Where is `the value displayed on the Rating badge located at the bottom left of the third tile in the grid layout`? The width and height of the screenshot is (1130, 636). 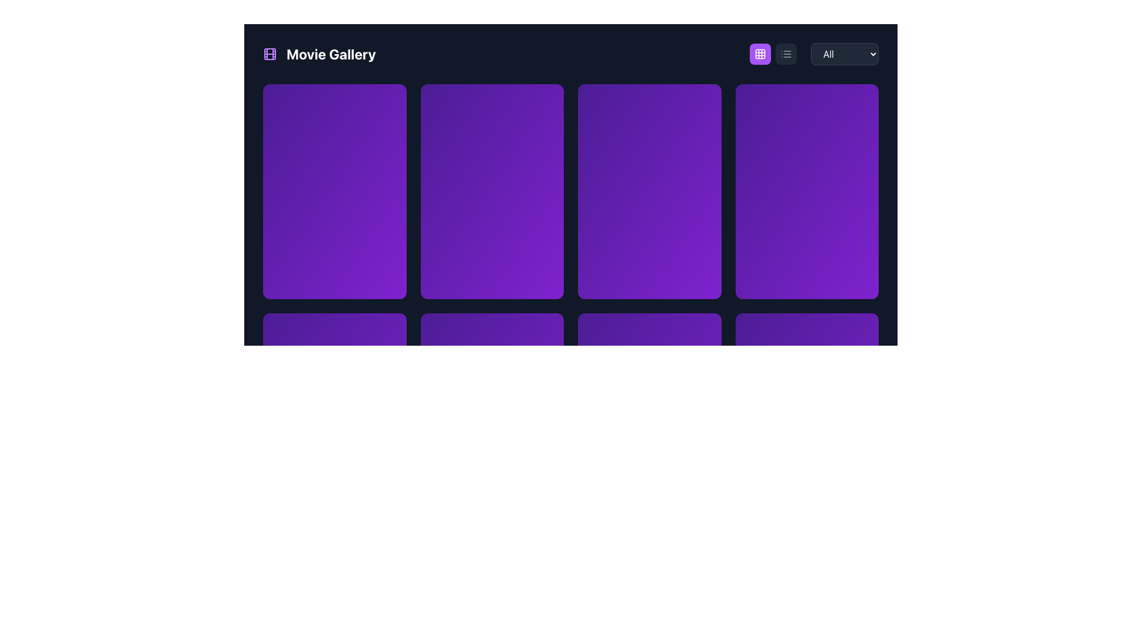 the value displayed on the Rating badge located at the bottom left of the third tile in the grid layout is located at coordinates (288, 332).